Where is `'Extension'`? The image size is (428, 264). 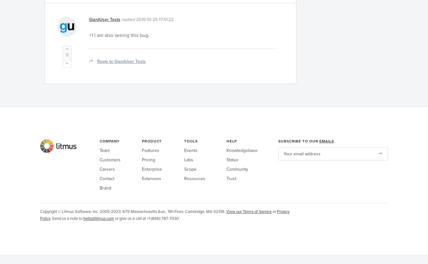
'Extension' is located at coordinates (151, 178).